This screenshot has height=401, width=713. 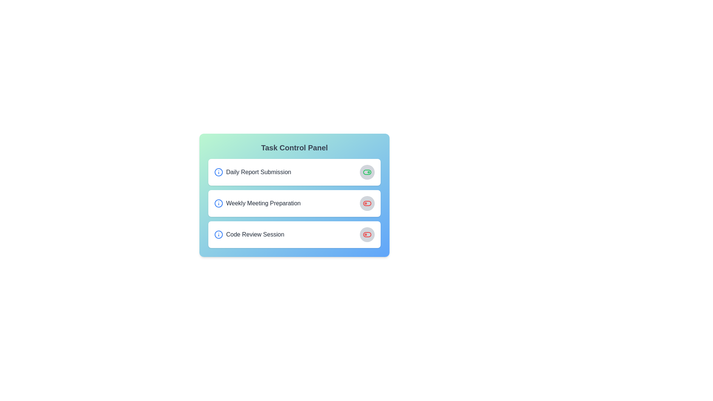 What do you see at coordinates (367, 172) in the screenshot?
I see `the toggle button for 'Daily Report Submission'` at bounding box center [367, 172].